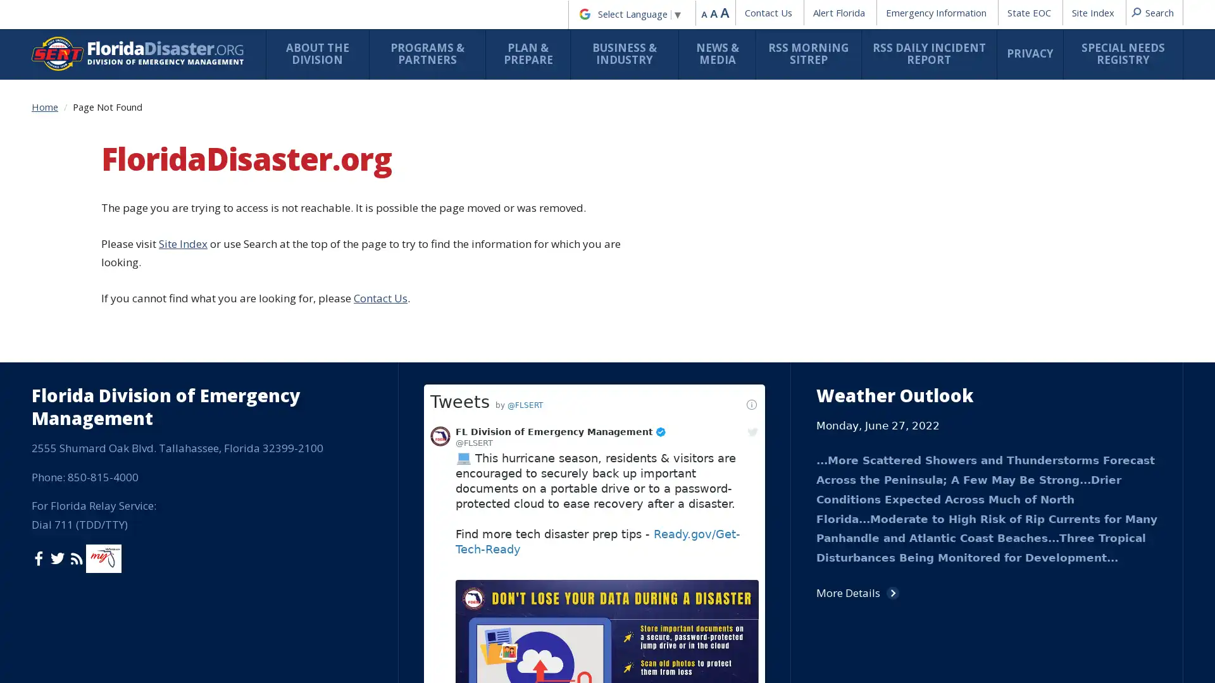 The width and height of the screenshot is (1215, 683). I want to click on Toggle More, so click(507, 355).